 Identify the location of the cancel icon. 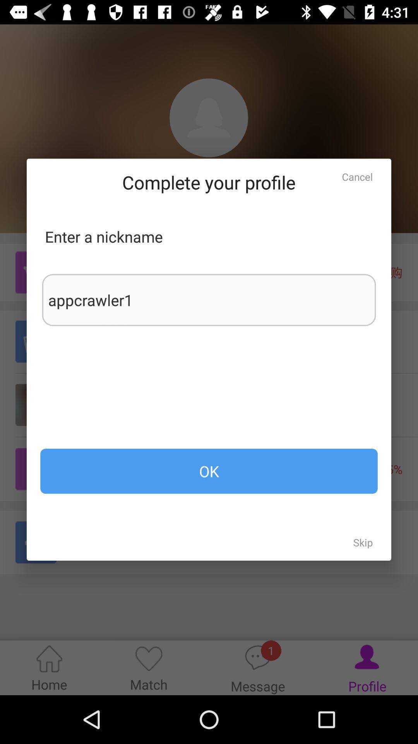
(357, 176).